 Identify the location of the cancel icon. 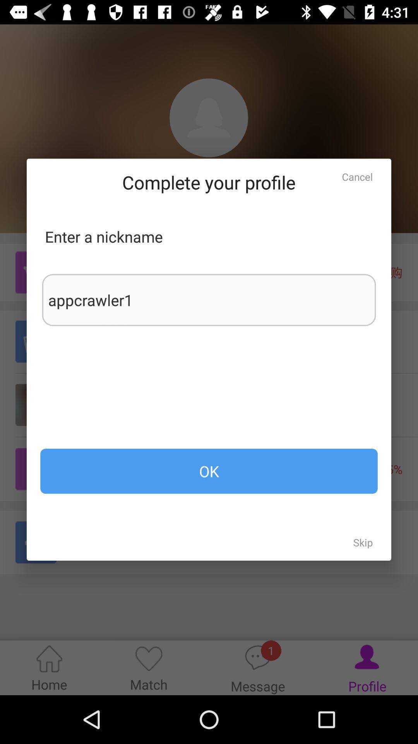
(357, 176).